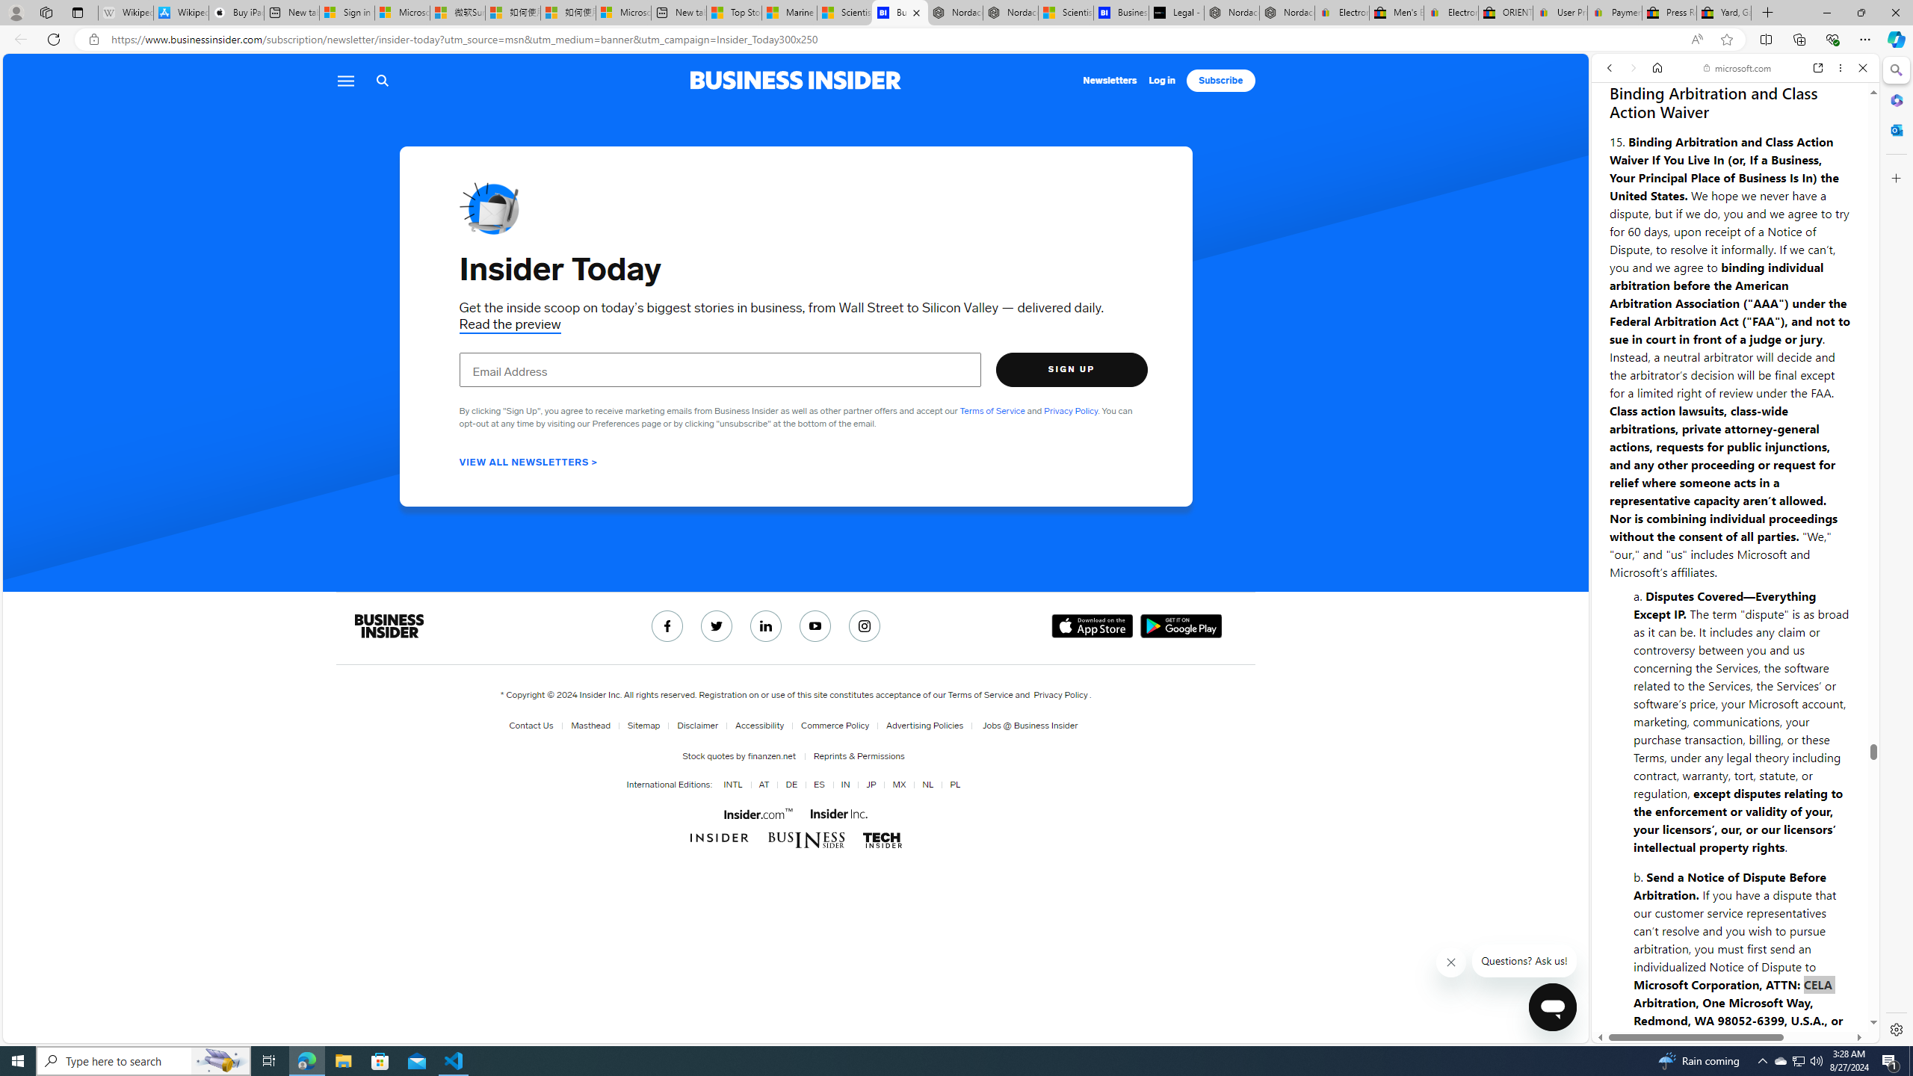 Image resolution: width=1913 pixels, height=1076 pixels. I want to click on 'Download on the App Store', so click(1091, 626).